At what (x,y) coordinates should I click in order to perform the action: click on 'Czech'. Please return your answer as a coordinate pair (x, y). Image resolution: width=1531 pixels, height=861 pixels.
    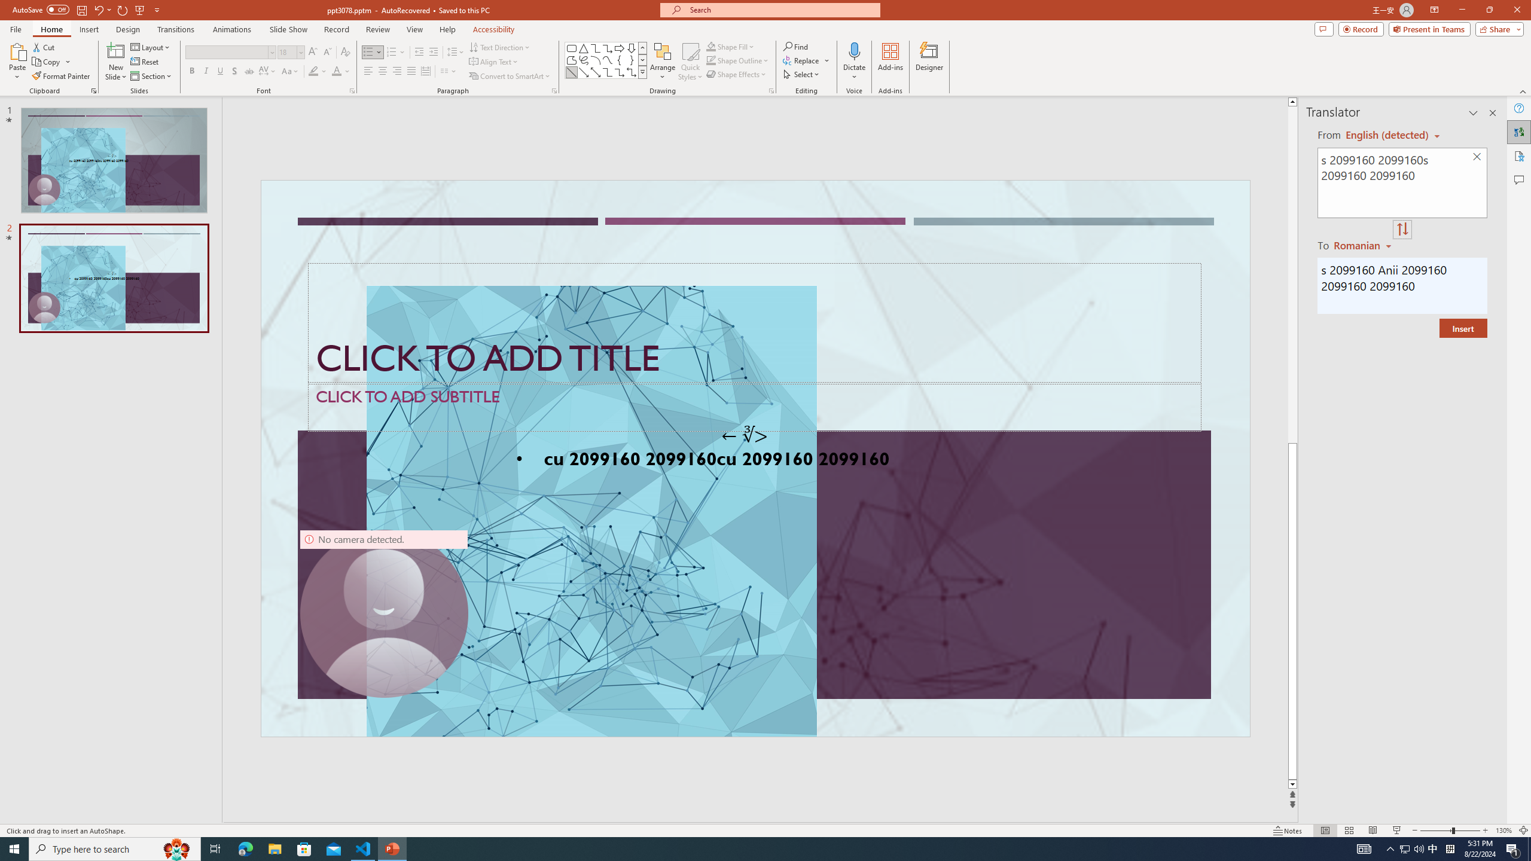
    Looking at the image, I should click on (1363, 245).